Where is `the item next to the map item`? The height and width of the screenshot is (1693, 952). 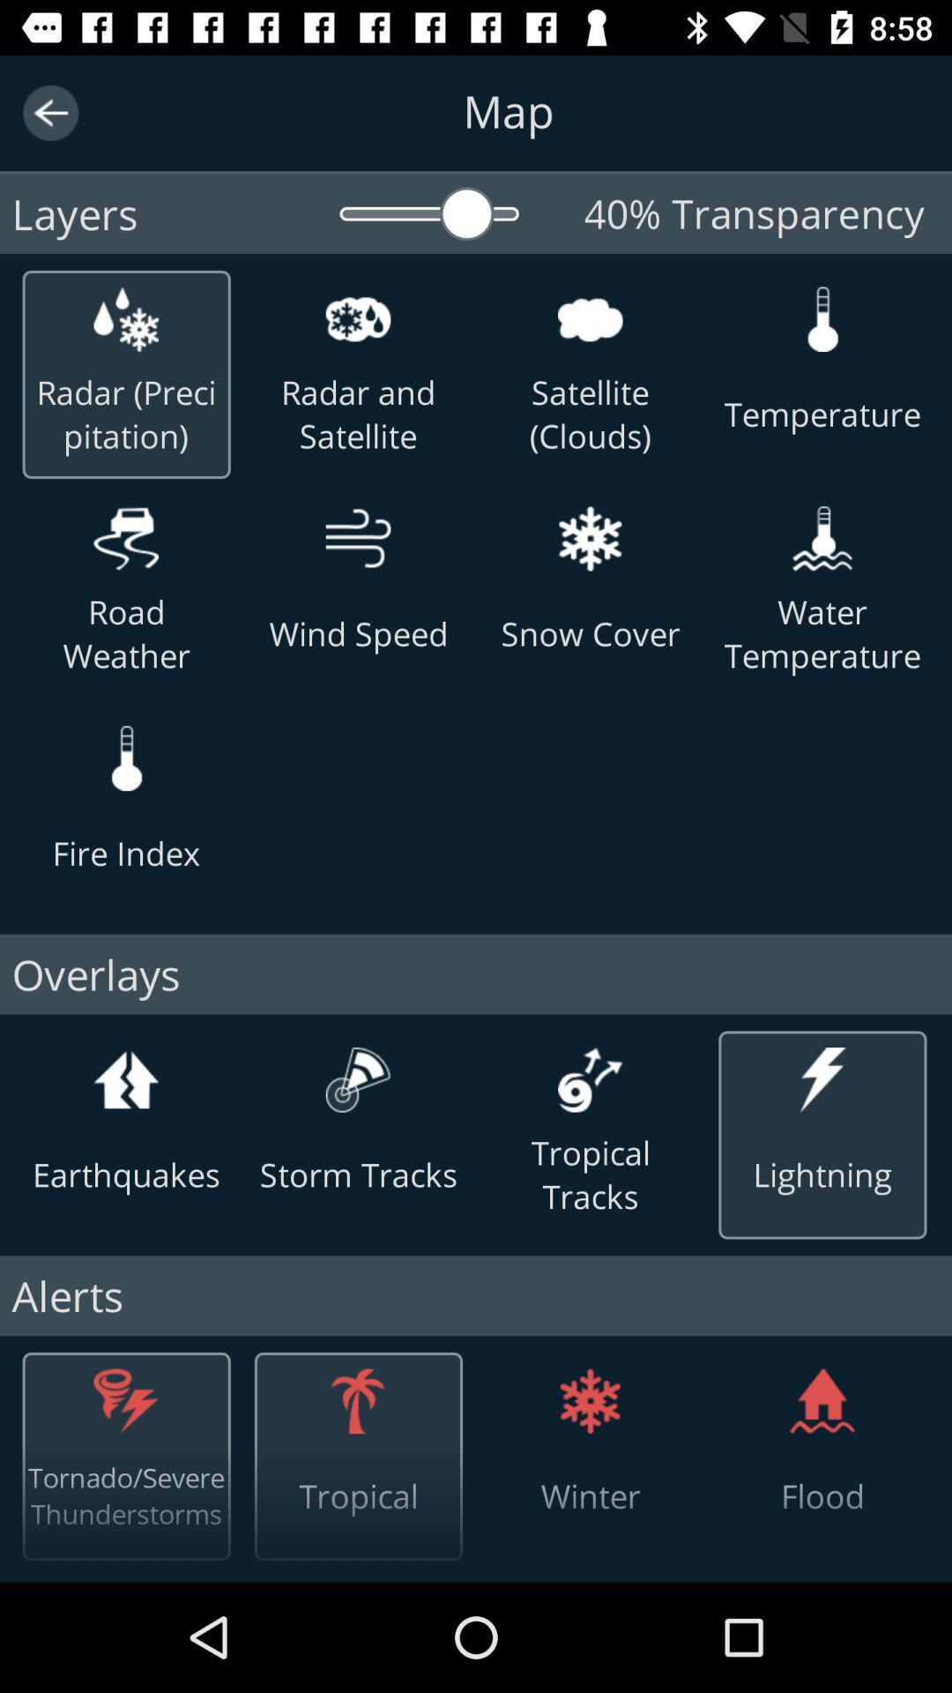
the item next to the map item is located at coordinates (49, 112).